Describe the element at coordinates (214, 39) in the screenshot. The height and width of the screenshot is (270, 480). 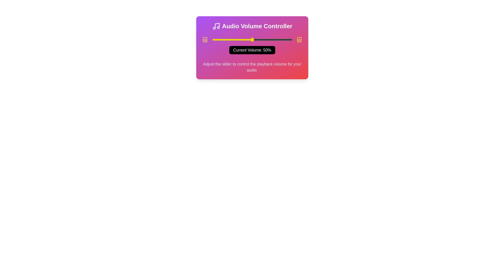
I see `the slider to set the volume to 3%` at that location.